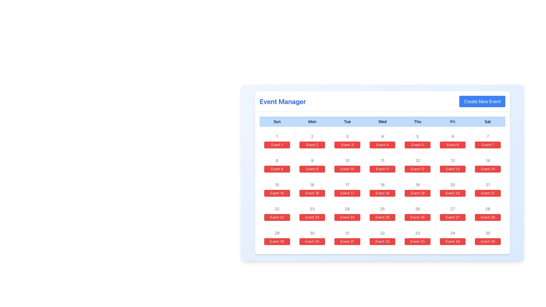 This screenshot has width=546, height=307. Describe the element at coordinates (312, 217) in the screenshot. I see `the button located in the fifth row and fourth column of the calendar layout, which visually represents the date '23'` at that location.